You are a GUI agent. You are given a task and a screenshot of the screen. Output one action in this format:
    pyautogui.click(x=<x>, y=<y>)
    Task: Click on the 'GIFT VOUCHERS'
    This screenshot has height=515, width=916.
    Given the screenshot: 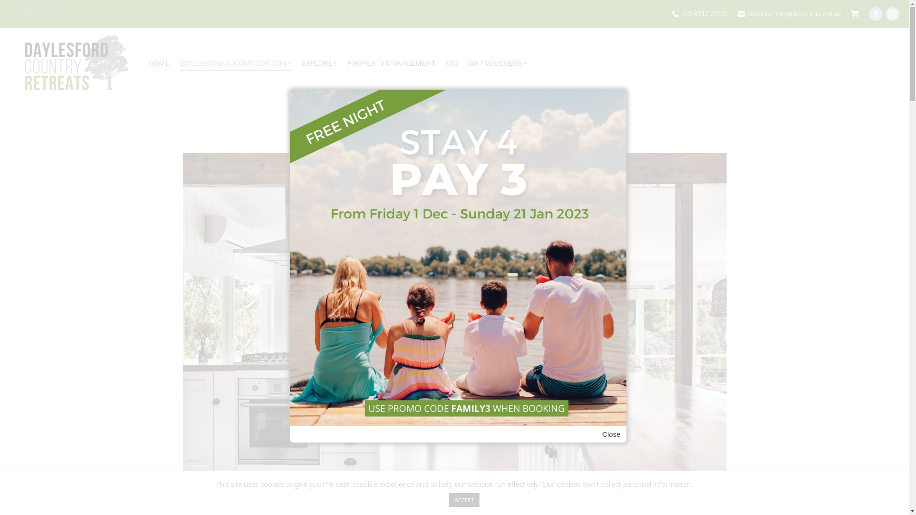 What is the action you would take?
    pyautogui.click(x=497, y=63)
    